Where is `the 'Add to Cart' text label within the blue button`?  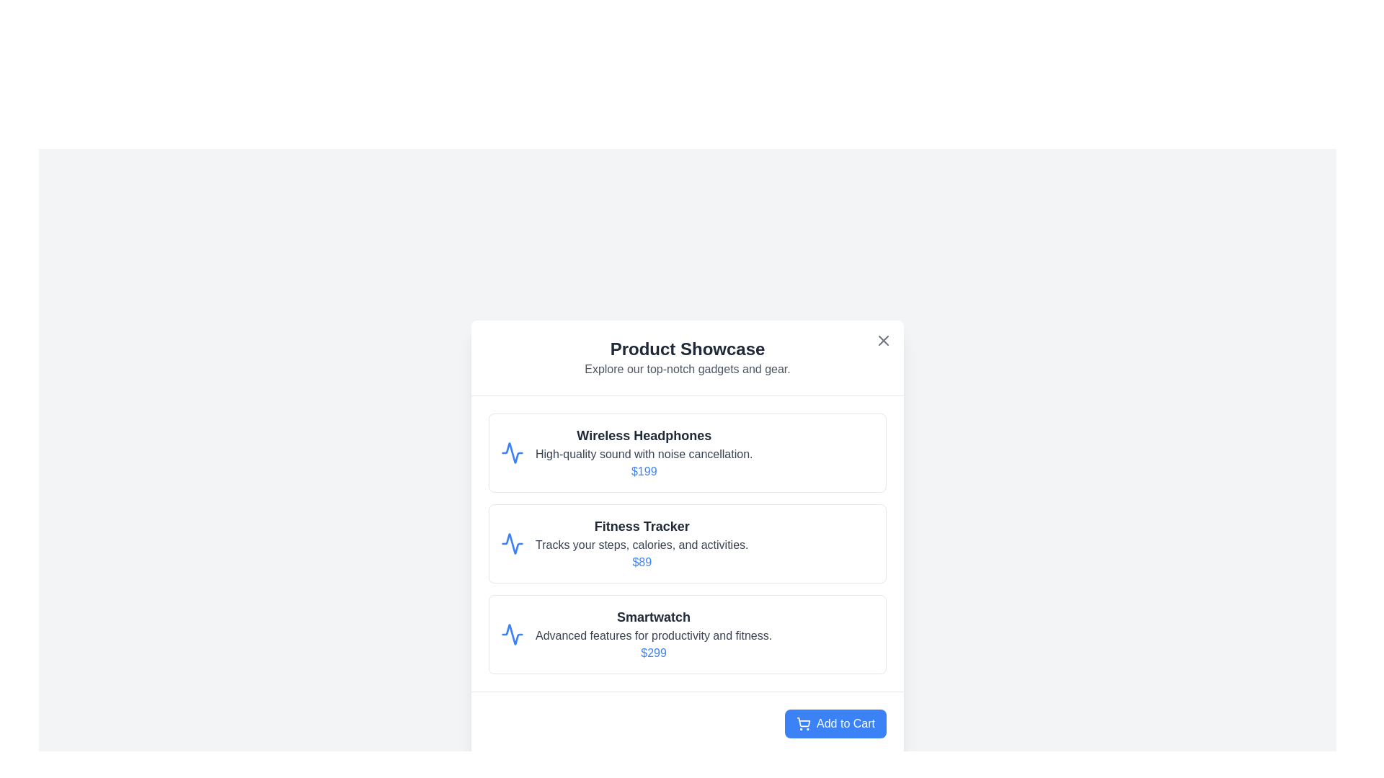 the 'Add to Cart' text label within the blue button is located at coordinates (846, 724).